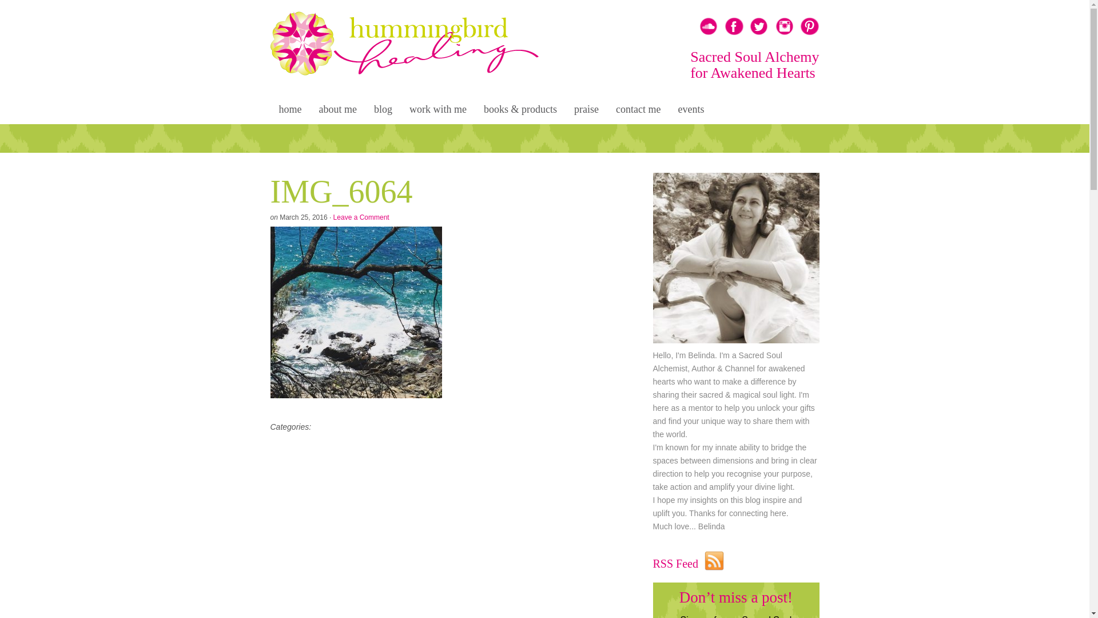 This screenshot has width=1098, height=618. Describe the element at coordinates (364, 110) in the screenshot. I see `'blog'` at that location.